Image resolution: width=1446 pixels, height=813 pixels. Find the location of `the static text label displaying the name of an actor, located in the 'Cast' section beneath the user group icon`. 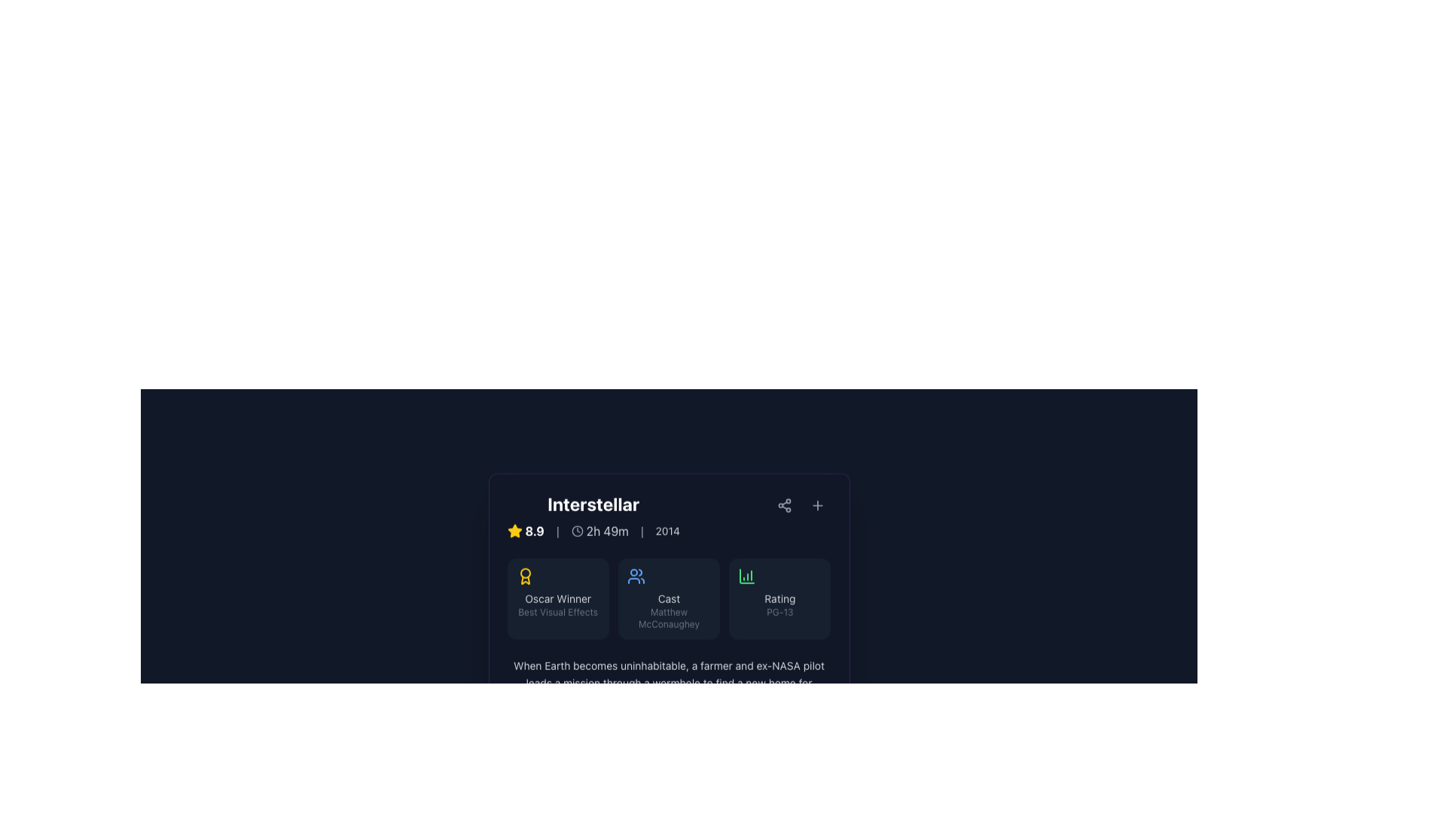

the static text label displaying the name of an actor, located in the 'Cast' section beneath the user group icon is located at coordinates (668, 618).